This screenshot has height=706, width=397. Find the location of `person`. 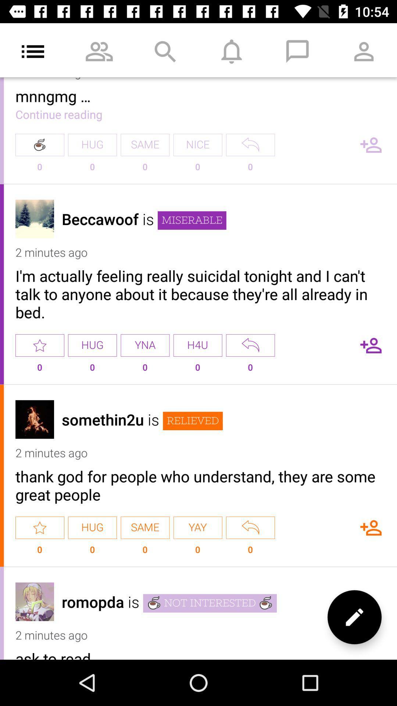

person is located at coordinates (371, 527).